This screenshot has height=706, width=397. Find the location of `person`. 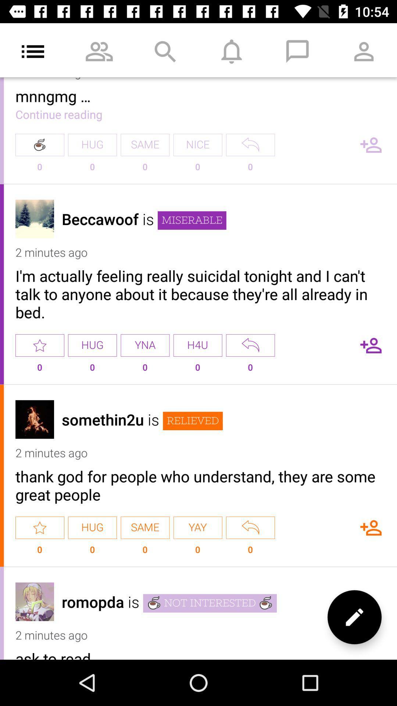

person is located at coordinates (371, 527).